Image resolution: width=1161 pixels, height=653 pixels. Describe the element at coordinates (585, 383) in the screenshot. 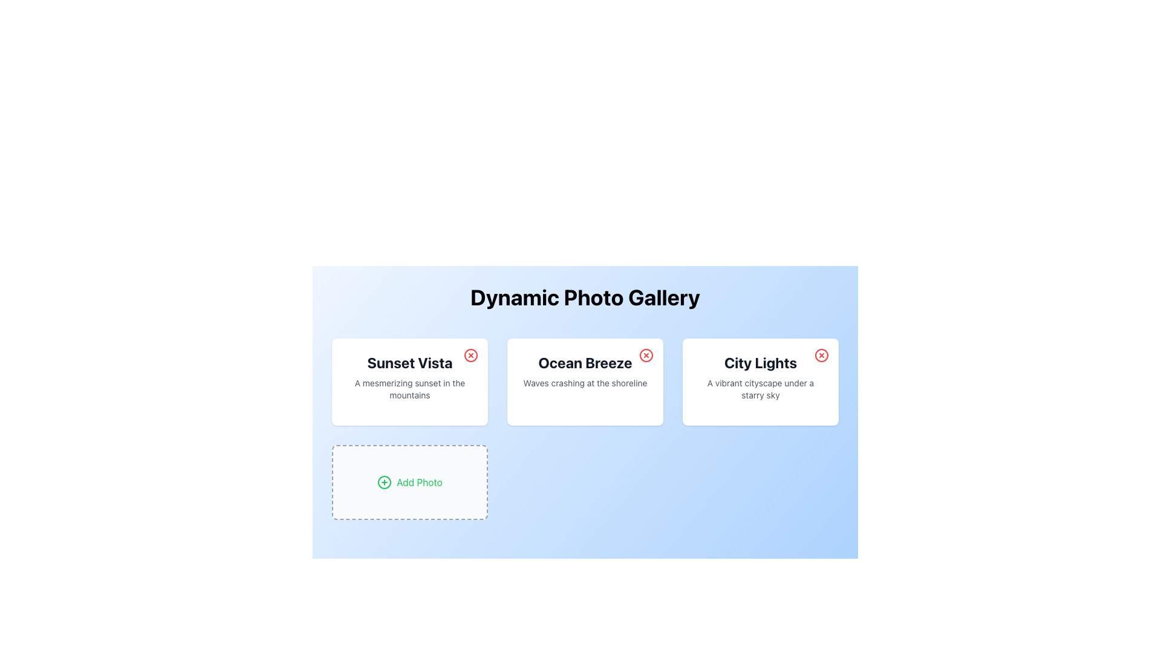

I see `the descriptive subtitle located directly beneath the title 'Ocean Breeze' in the middle column of a three-column layout` at that location.